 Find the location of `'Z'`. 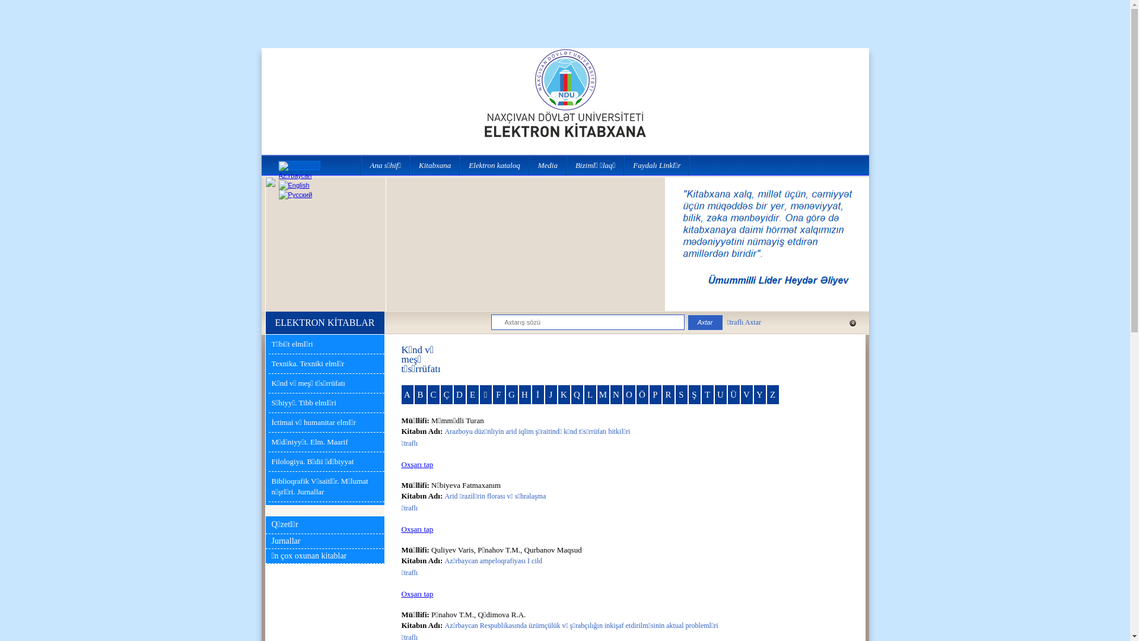

'Z' is located at coordinates (772, 394).